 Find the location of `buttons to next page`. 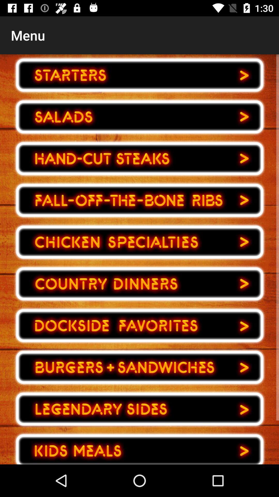

buttons to next page is located at coordinates (139, 447).